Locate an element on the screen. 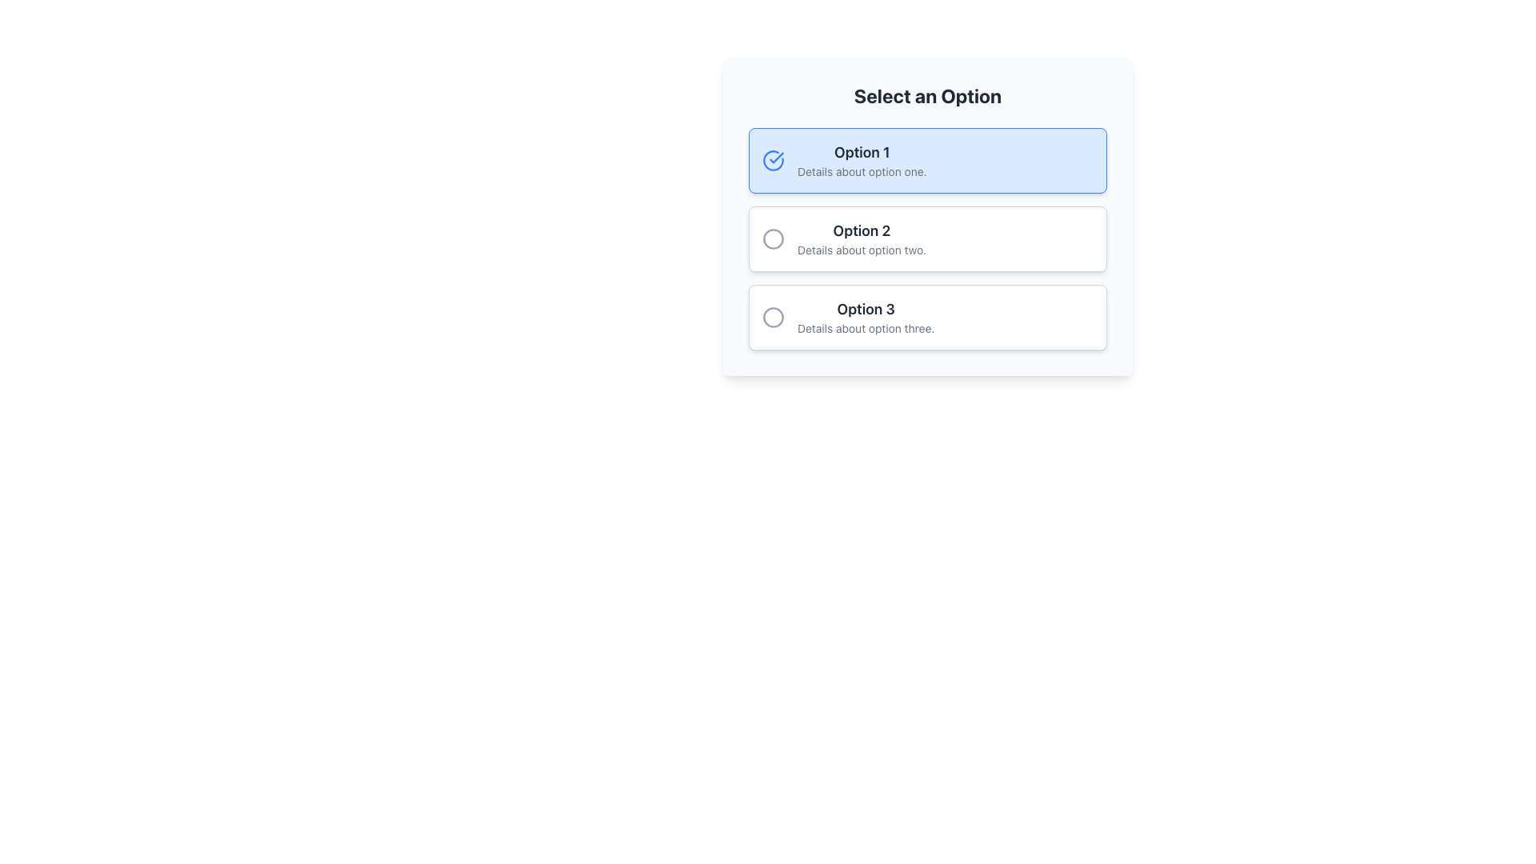 Image resolution: width=1536 pixels, height=864 pixels. the circular radio button associated with 'Option 3' is located at coordinates (773, 318).